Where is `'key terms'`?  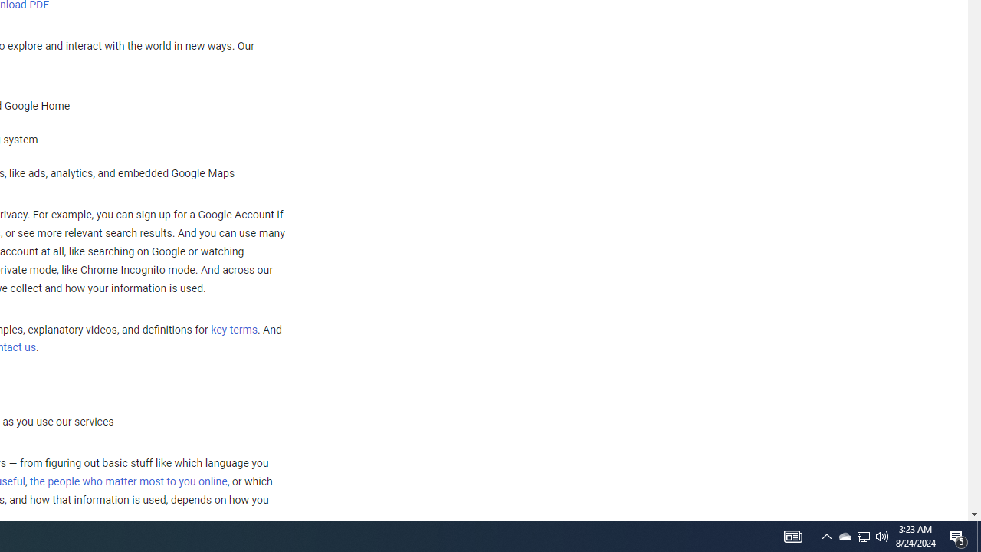
'key terms' is located at coordinates (233, 329).